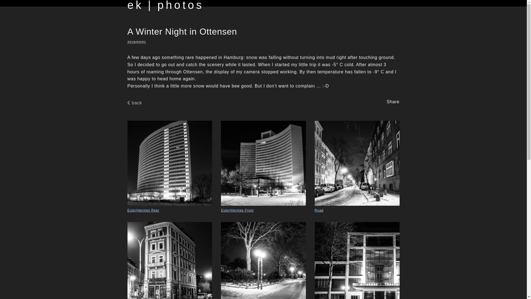 Image resolution: width=531 pixels, height=299 pixels. What do you see at coordinates (169, 166) in the screenshot?
I see `'Euler|Hermes Rear'` at bounding box center [169, 166].